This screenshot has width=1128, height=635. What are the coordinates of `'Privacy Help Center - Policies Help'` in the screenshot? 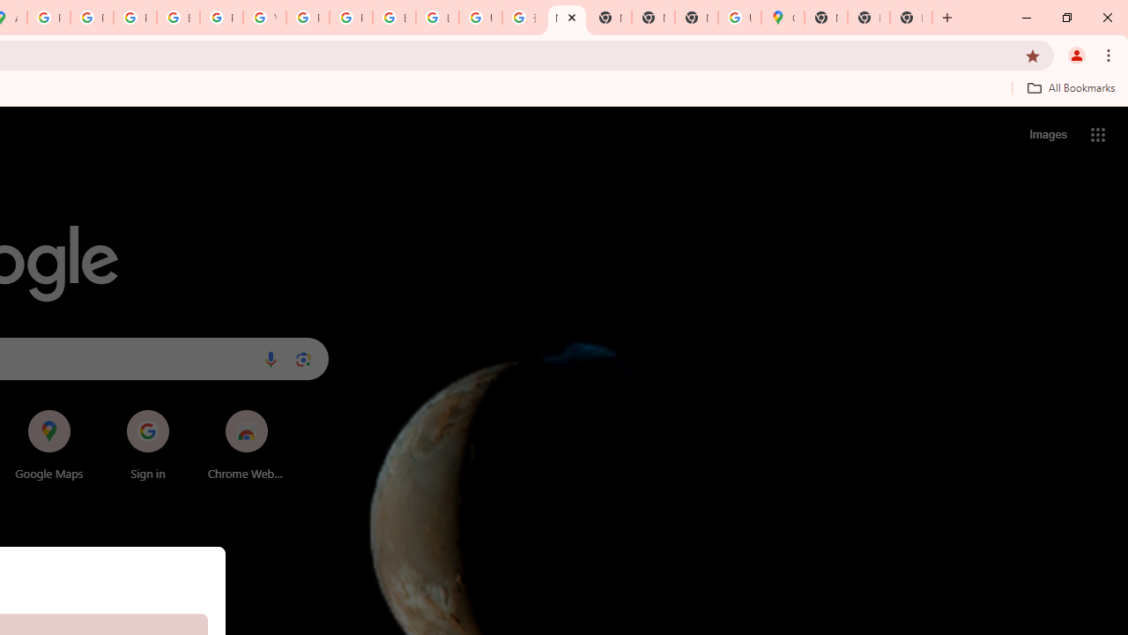 It's located at (134, 18).